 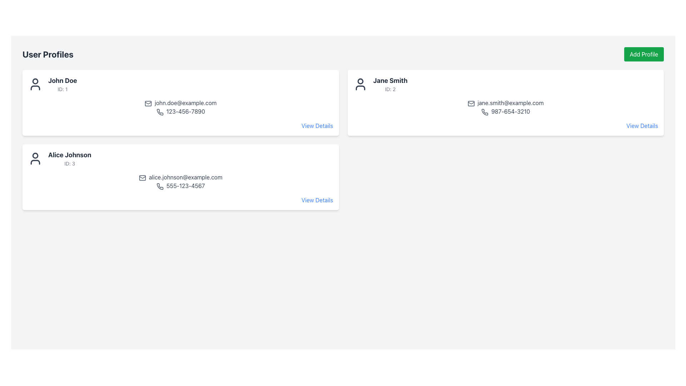 What do you see at coordinates (70, 158) in the screenshot?
I see `the text display element that shows the name and ID of a user in the second card from the top in the left column of the user profile list` at bounding box center [70, 158].